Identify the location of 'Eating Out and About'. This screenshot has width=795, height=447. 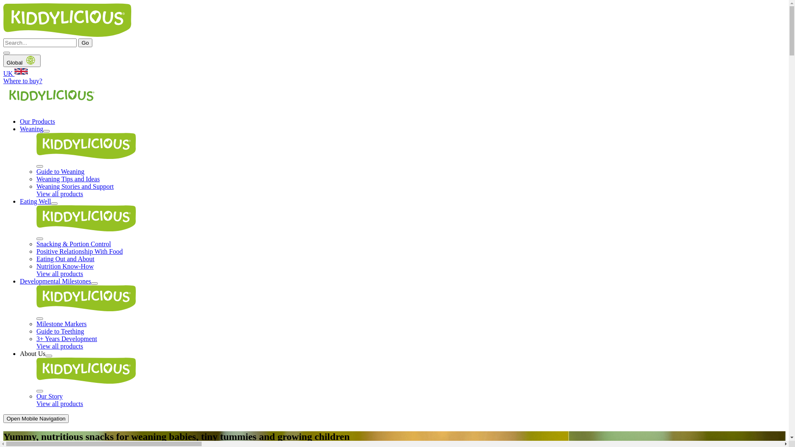
(65, 258).